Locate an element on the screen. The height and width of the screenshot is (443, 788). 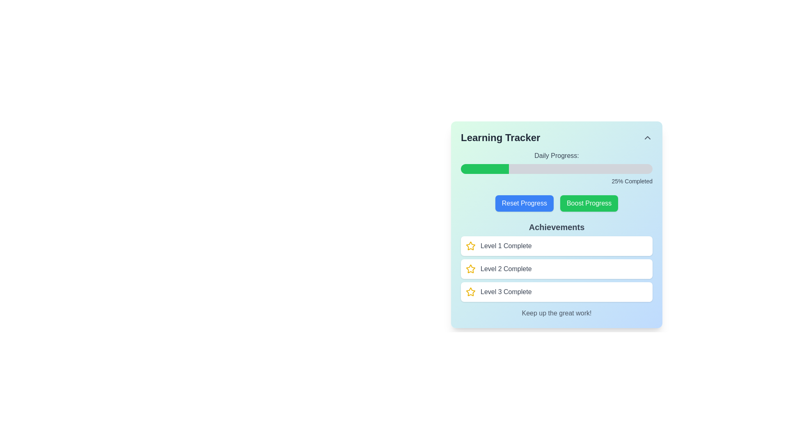
the static text label indicating the completion status of Level 2, which is located in the middle of a vertically stacked list of achievements, below 'Level 1 Complete' and above 'Level 3 Complete' is located at coordinates (506, 269).